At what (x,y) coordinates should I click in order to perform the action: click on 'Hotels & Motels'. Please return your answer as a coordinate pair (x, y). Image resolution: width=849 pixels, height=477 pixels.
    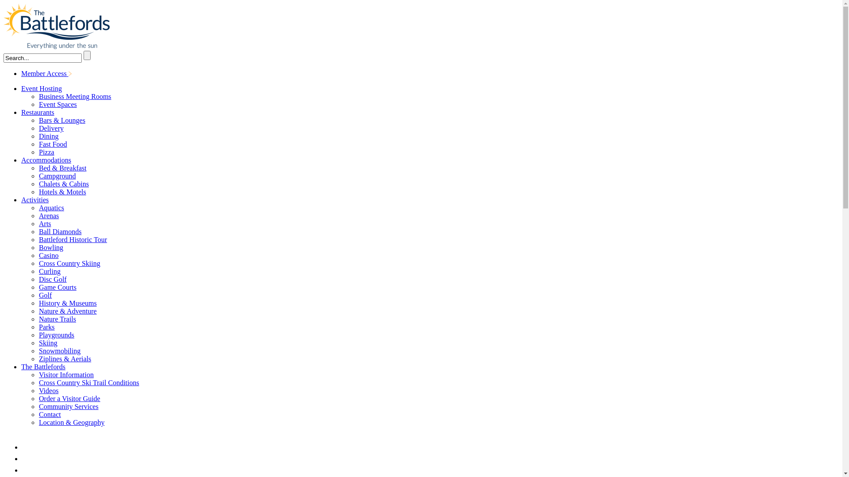
    Looking at the image, I should click on (62, 191).